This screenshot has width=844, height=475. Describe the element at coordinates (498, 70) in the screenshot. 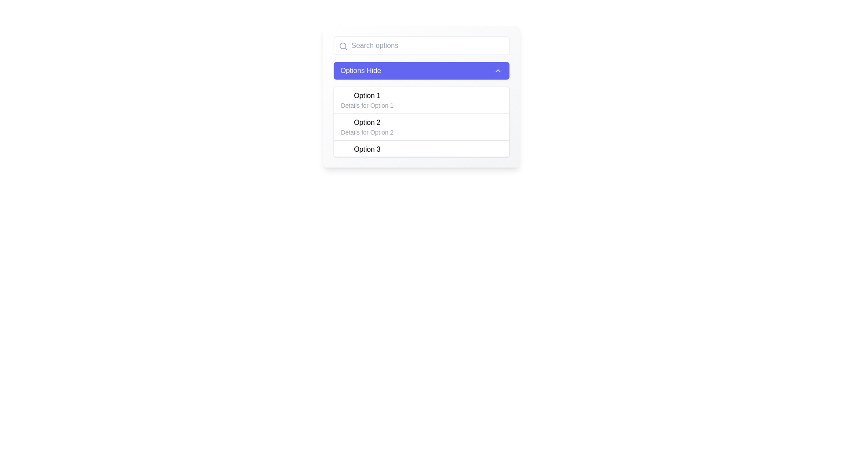

I see `the upward-pointing chevron icon adjacent to the 'Options Hide' button` at that location.